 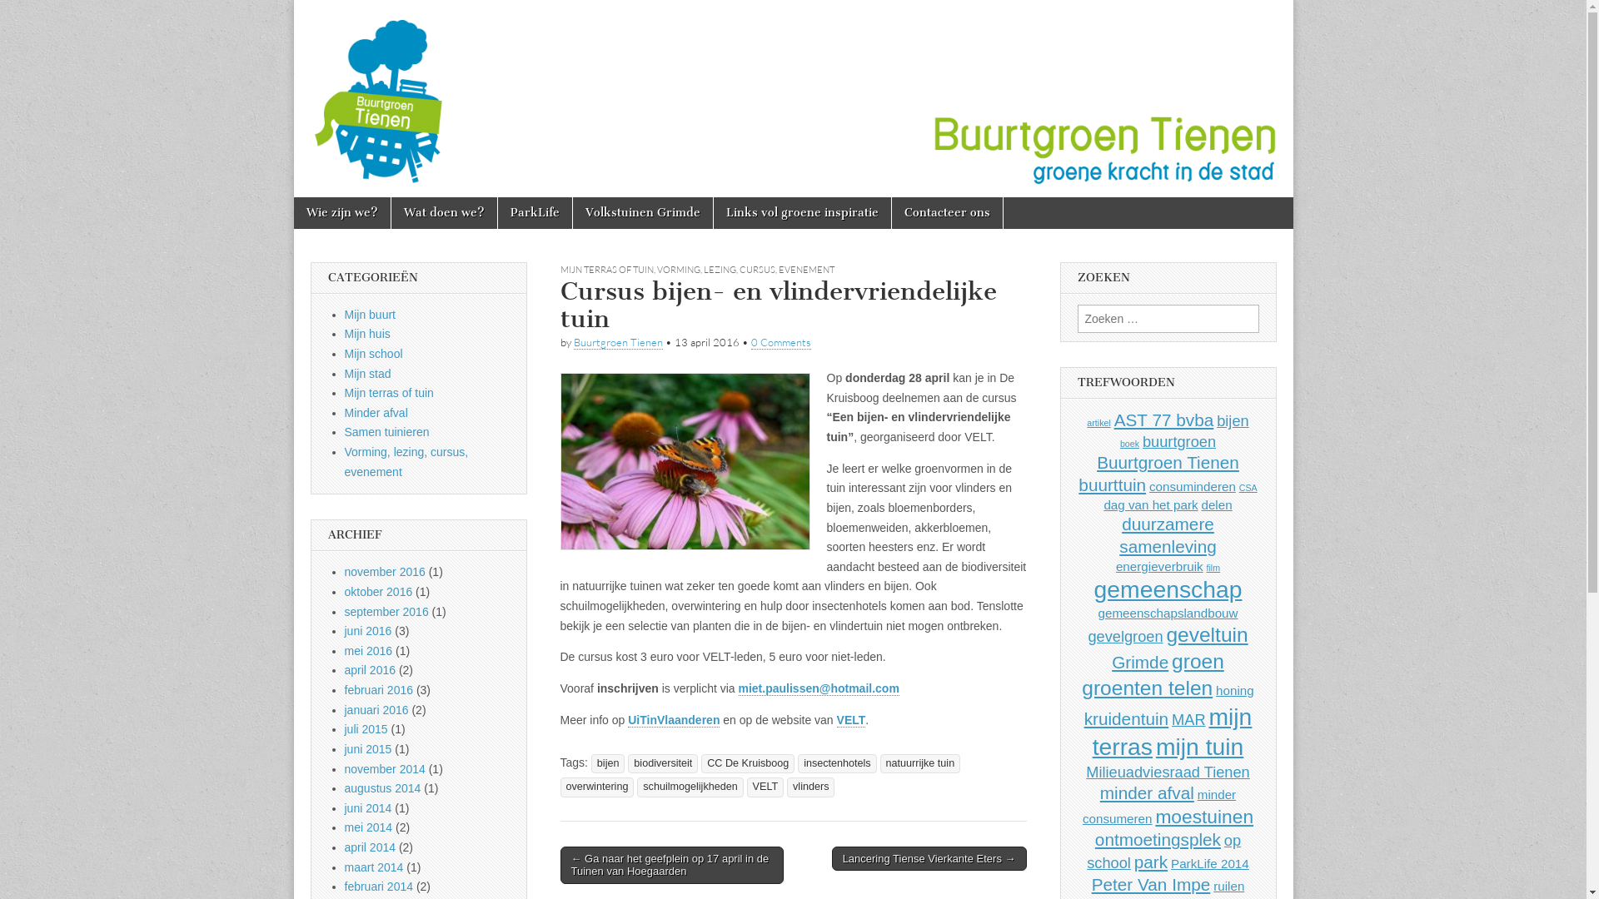 What do you see at coordinates (535, 211) in the screenshot?
I see `'ParkLife'` at bounding box center [535, 211].